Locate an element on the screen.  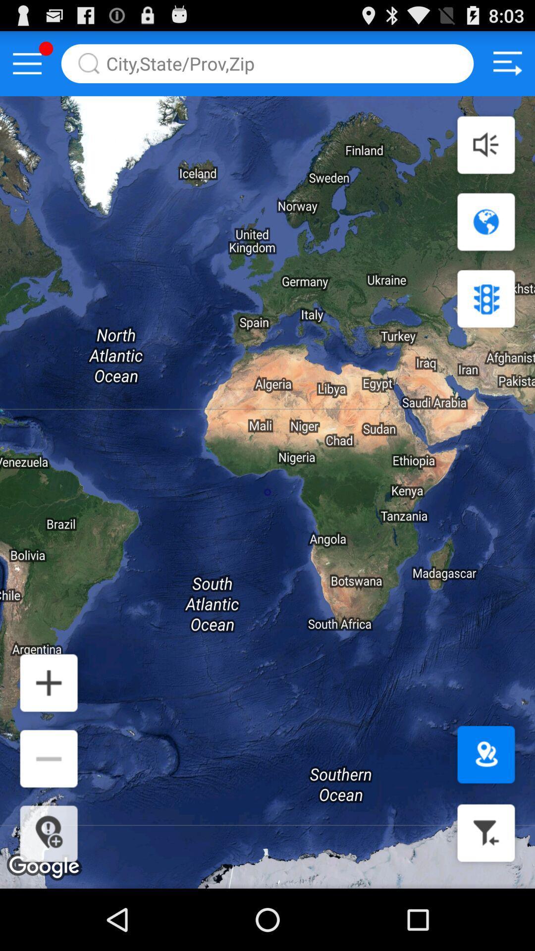
the last icon from top present at the bottom right corner is located at coordinates (49, 833).